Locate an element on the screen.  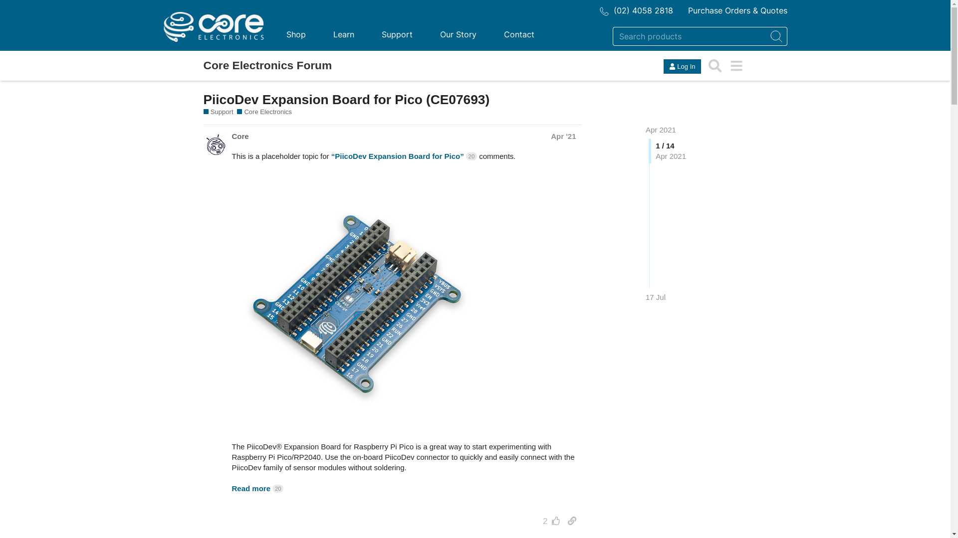
'Our Story' is located at coordinates (457, 34).